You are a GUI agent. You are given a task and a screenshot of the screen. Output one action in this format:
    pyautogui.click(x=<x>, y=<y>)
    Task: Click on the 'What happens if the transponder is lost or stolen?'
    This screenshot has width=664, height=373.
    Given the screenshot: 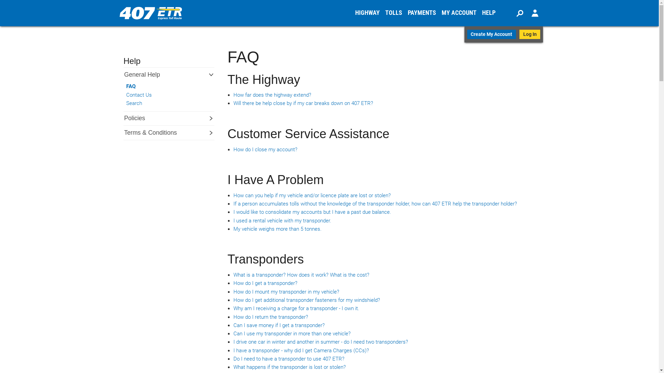 What is the action you would take?
    pyautogui.click(x=289, y=367)
    